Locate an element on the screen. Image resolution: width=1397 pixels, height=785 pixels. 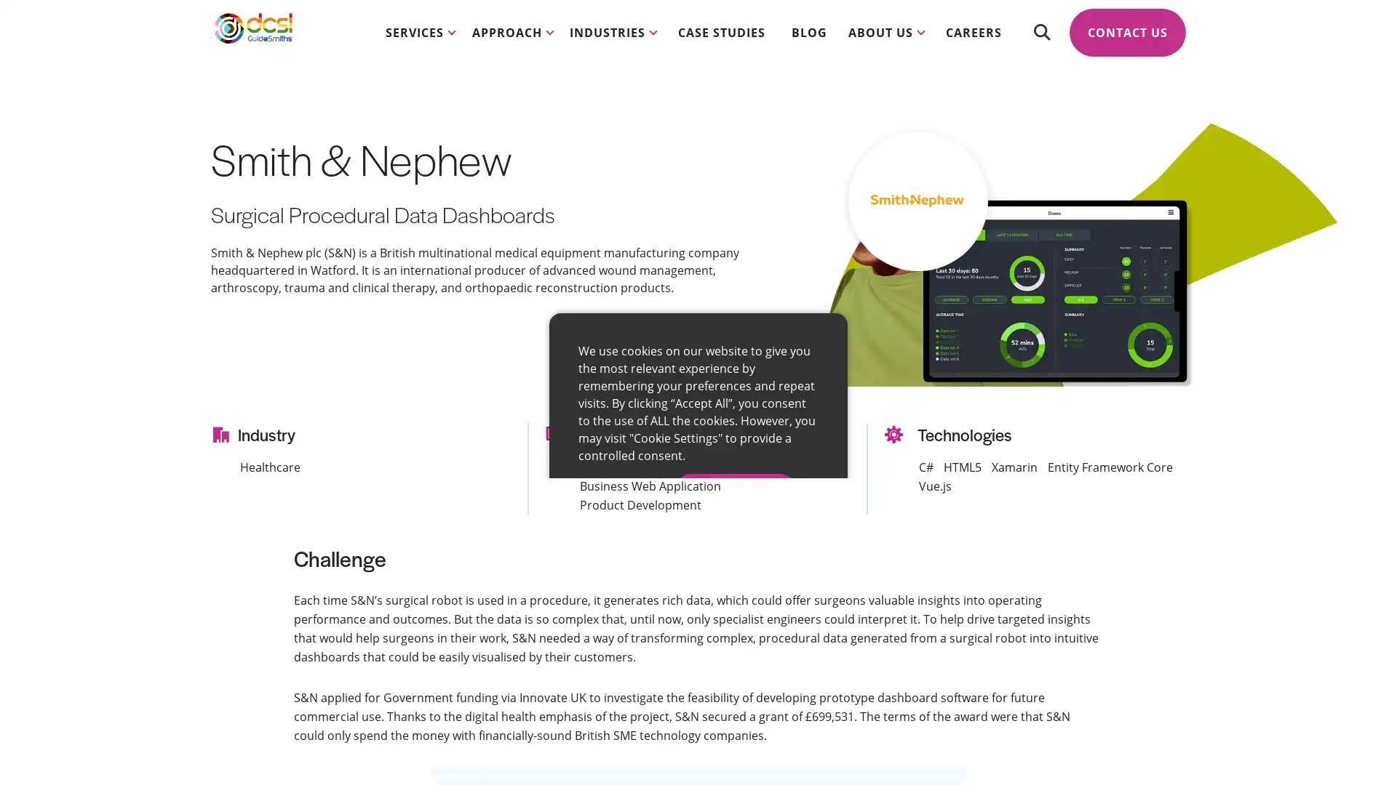
Search is located at coordinates (1040, 44).